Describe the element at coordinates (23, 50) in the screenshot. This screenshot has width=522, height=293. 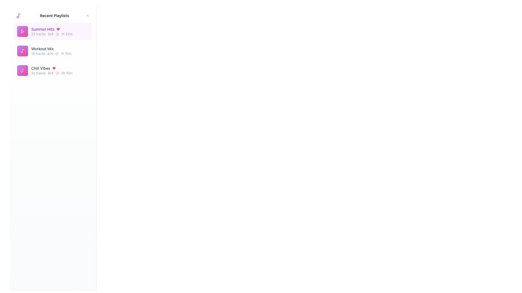
I see `the musical note icon associated with the 'Workout Mix' playlist item, which is visually represented by a vertical line with a slight curve at the top` at that location.